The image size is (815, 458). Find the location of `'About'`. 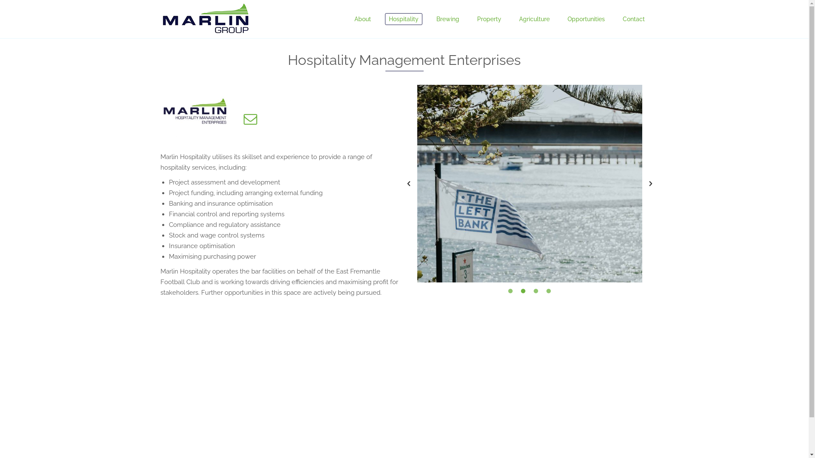

'About' is located at coordinates (363, 19).